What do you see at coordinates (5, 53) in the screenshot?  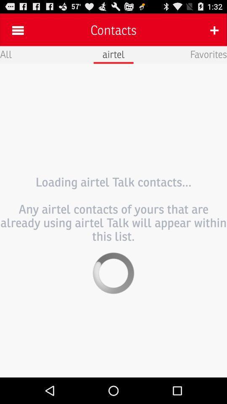 I see `app above loading airtel talk item` at bounding box center [5, 53].